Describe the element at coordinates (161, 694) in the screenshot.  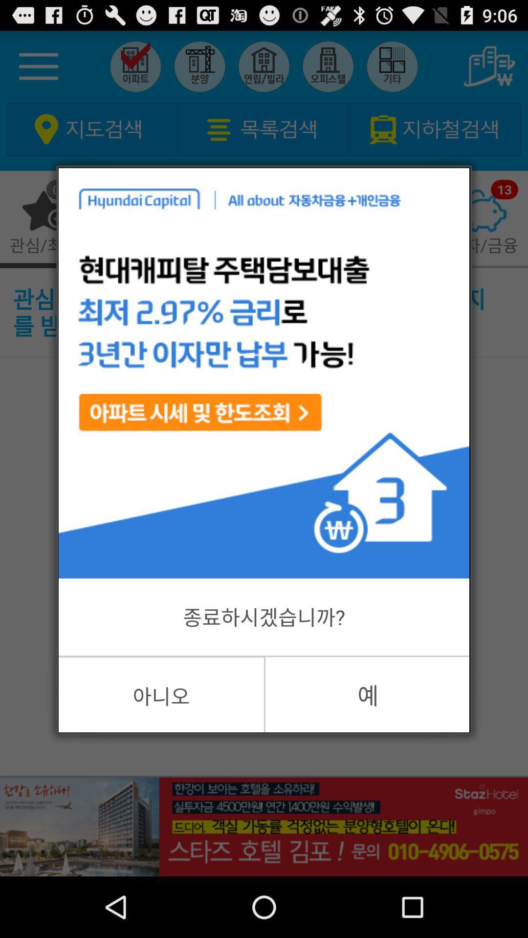
I see `icon at the bottom left corner` at that location.